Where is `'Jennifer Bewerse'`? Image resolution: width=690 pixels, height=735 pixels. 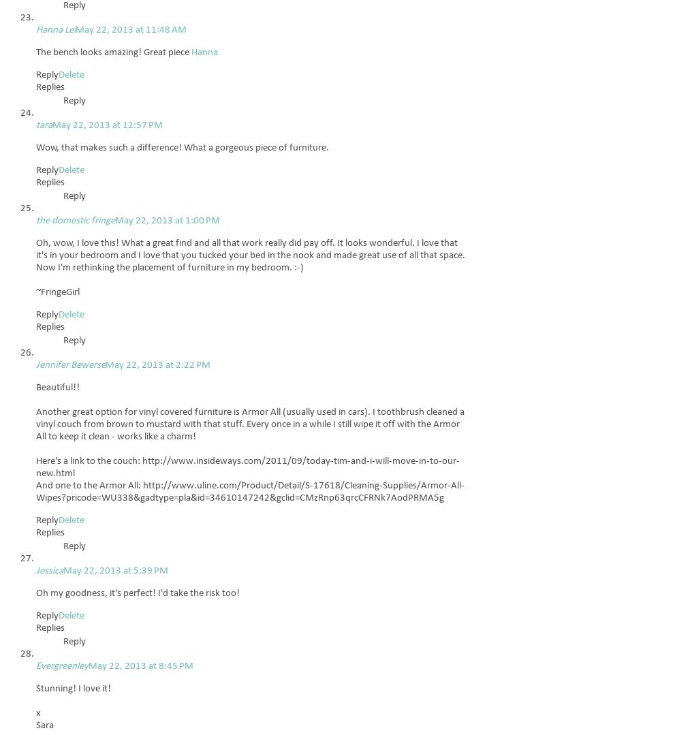
'Jennifer Bewerse' is located at coordinates (71, 365).